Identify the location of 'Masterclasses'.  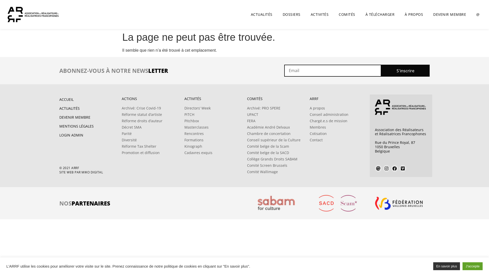
(184, 127).